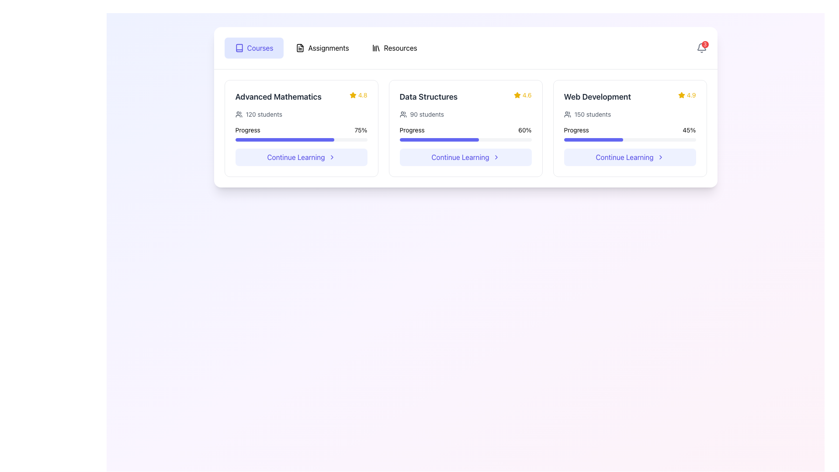  I want to click on the visual representation of the progress in the 'Advanced Mathematics' card's progress bar, which indicates 75% completion, so click(301, 139).